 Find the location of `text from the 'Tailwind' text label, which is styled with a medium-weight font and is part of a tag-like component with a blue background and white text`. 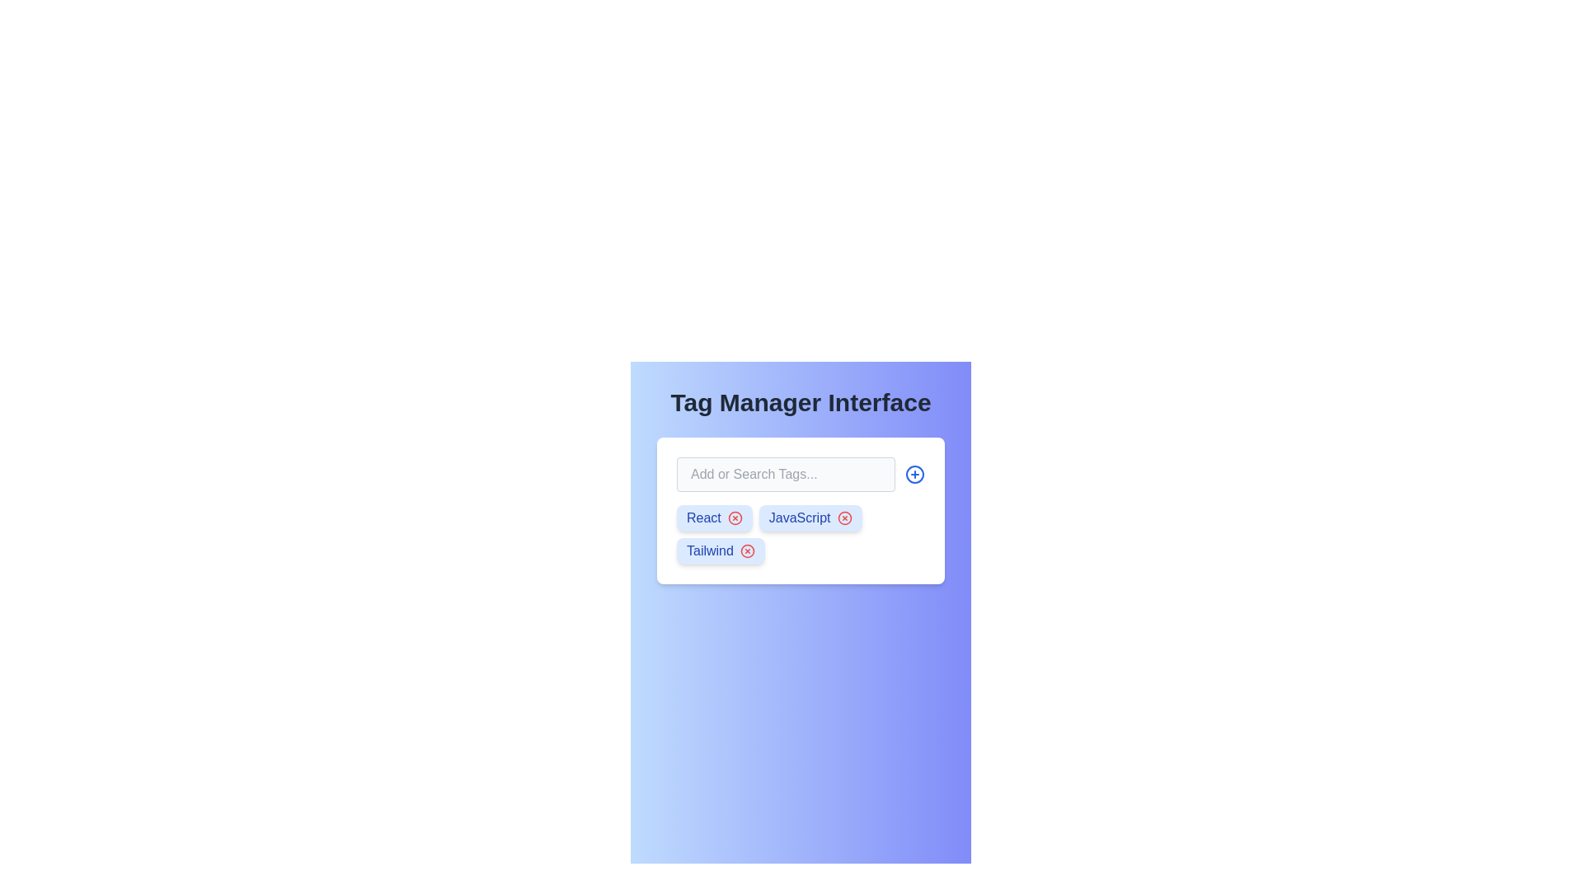

text from the 'Tailwind' text label, which is styled with a medium-weight font and is part of a tag-like component with a blue background and white text is located at coordinates (710, 550).